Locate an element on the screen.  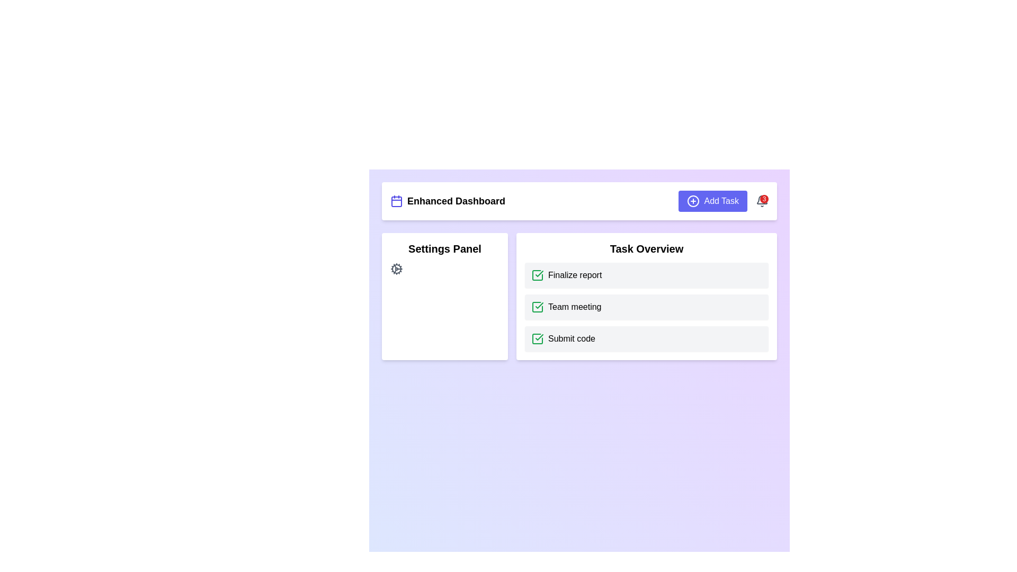
the 'Enhanced Dashboard' label with icon, which serves as the title of the section and is located in the upper central area of the interface is located at coordinates (448, 201).